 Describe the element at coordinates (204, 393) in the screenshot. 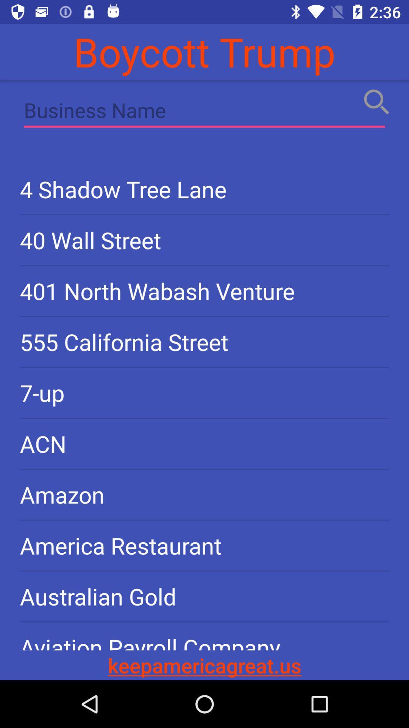

I see `7-up item` at that location.